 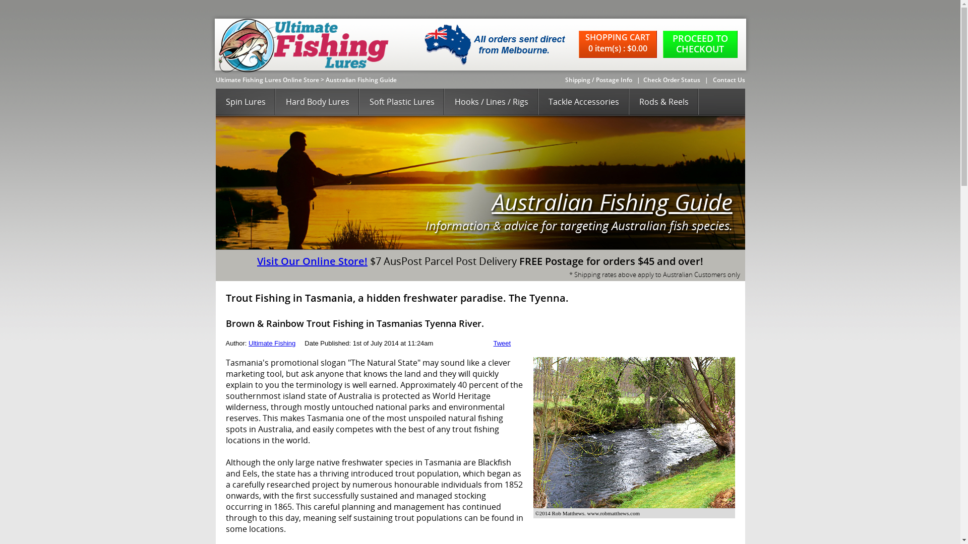 What do you see at coordinates (361, 79) in the screenshot?
I see `'Australian Fishing Guide'` at bounding box center [361, 79].